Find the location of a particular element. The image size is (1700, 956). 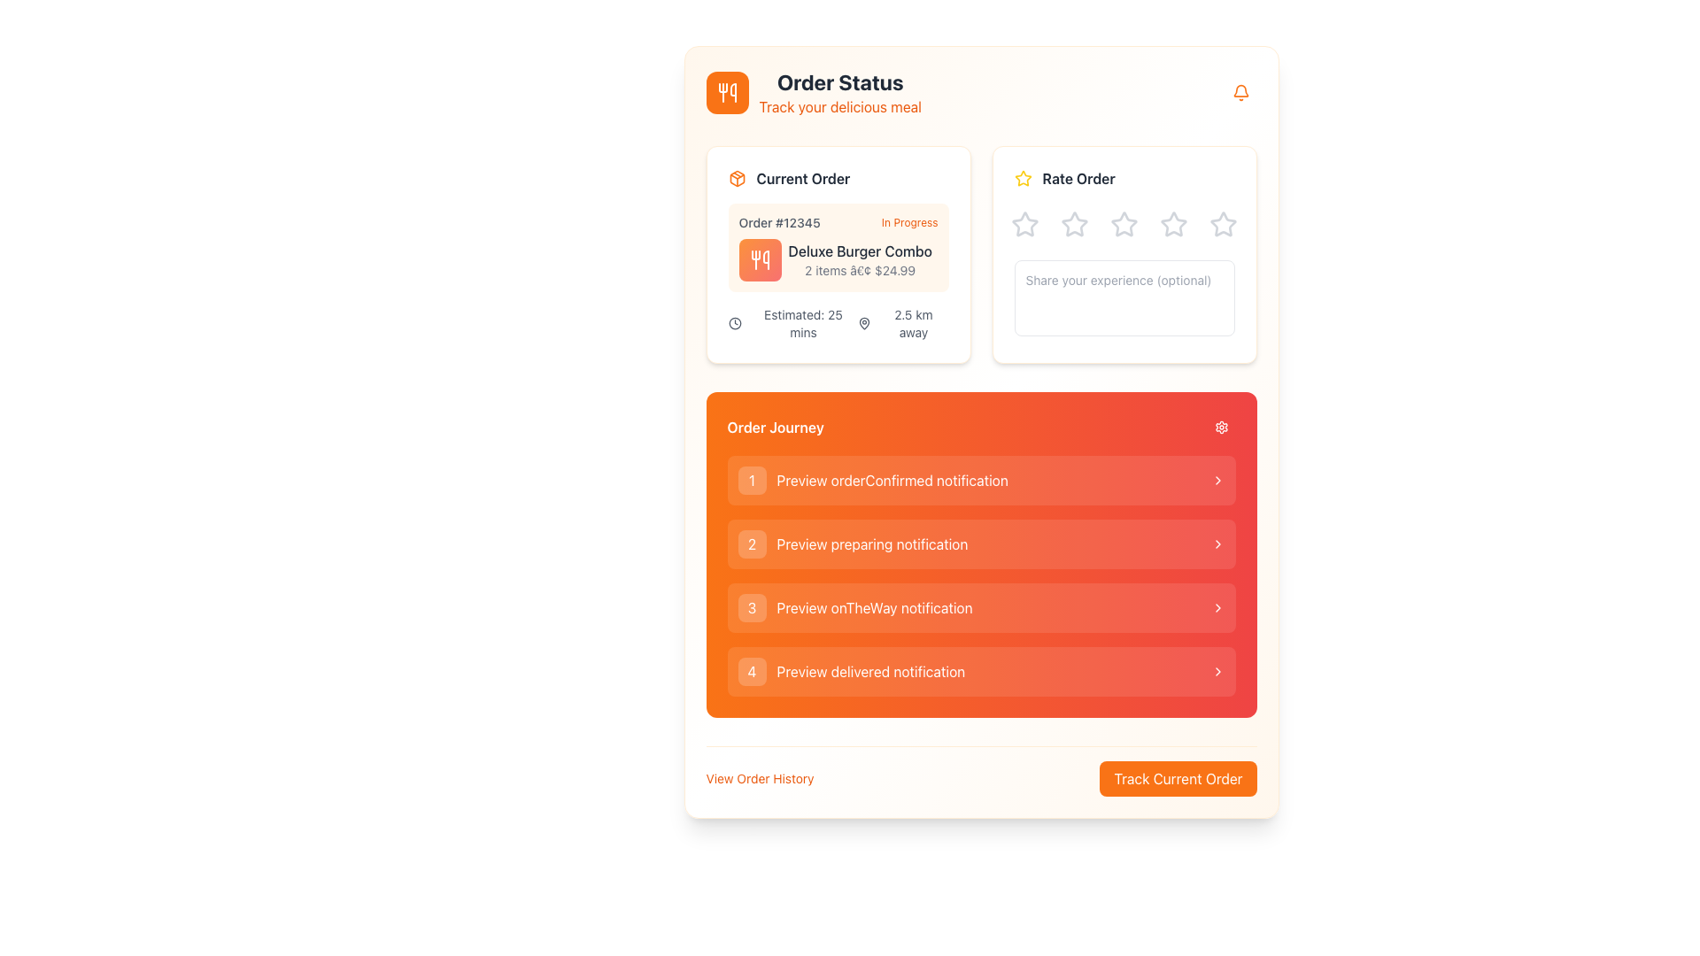

the fifth star rating button in the 'Rate Order' section to set the rating to five stars is located at coordinates (1223, 224).